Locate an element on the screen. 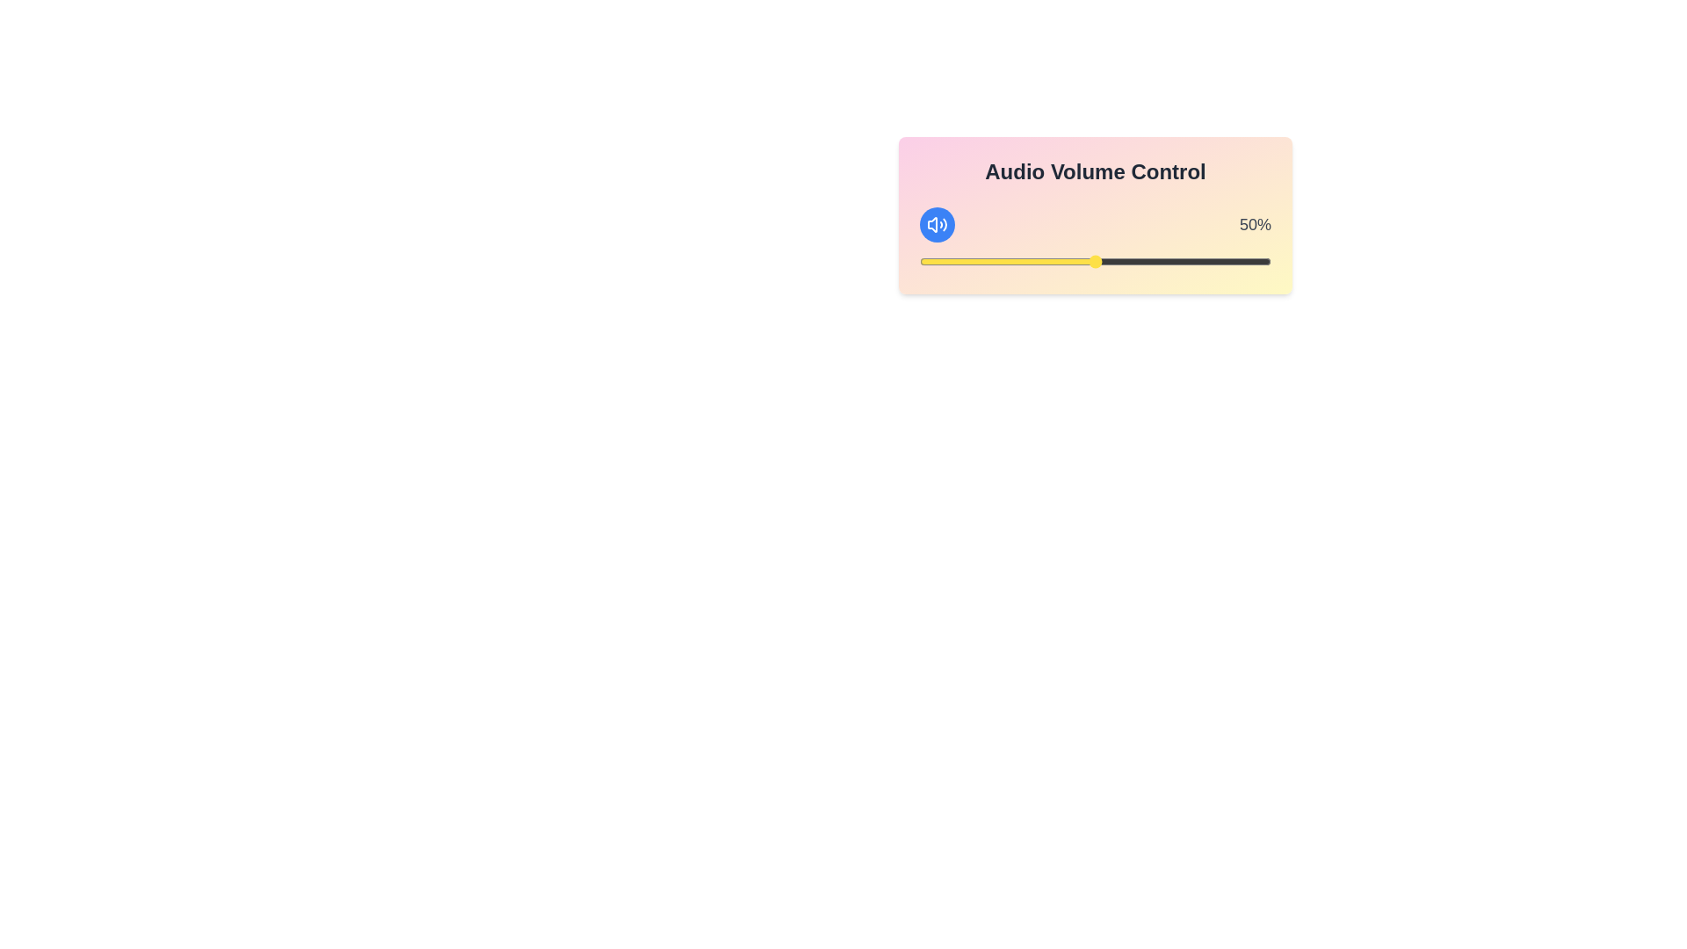 This screenshot has height=949, width=1687. the volume to 5% by dragging the slider is located at coordinates (936, 261).